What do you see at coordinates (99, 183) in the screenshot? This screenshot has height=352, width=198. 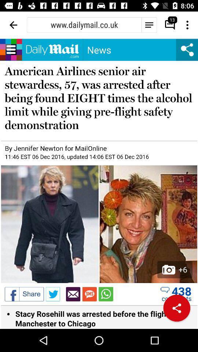 I see `article` at bounding box center [99, 183].